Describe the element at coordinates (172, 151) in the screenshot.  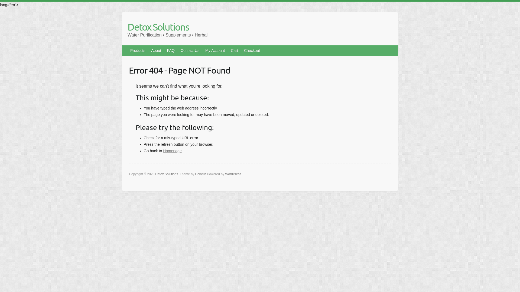
I see `'Homepage'` at that location.